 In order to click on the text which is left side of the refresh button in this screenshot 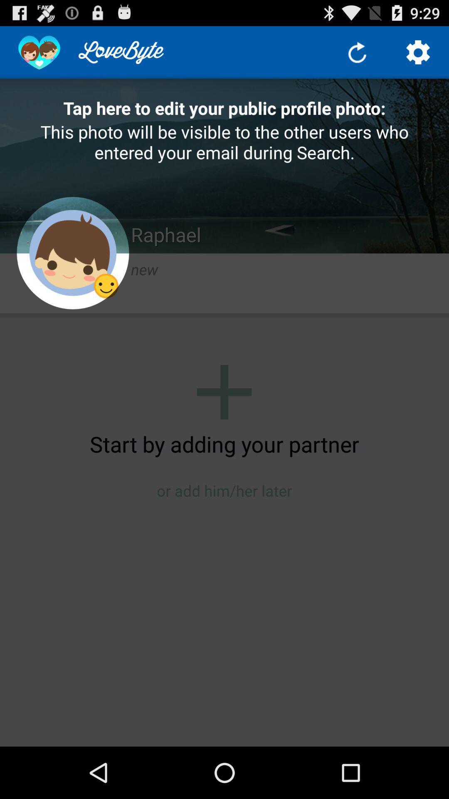, I will do `click(121, 52)`.